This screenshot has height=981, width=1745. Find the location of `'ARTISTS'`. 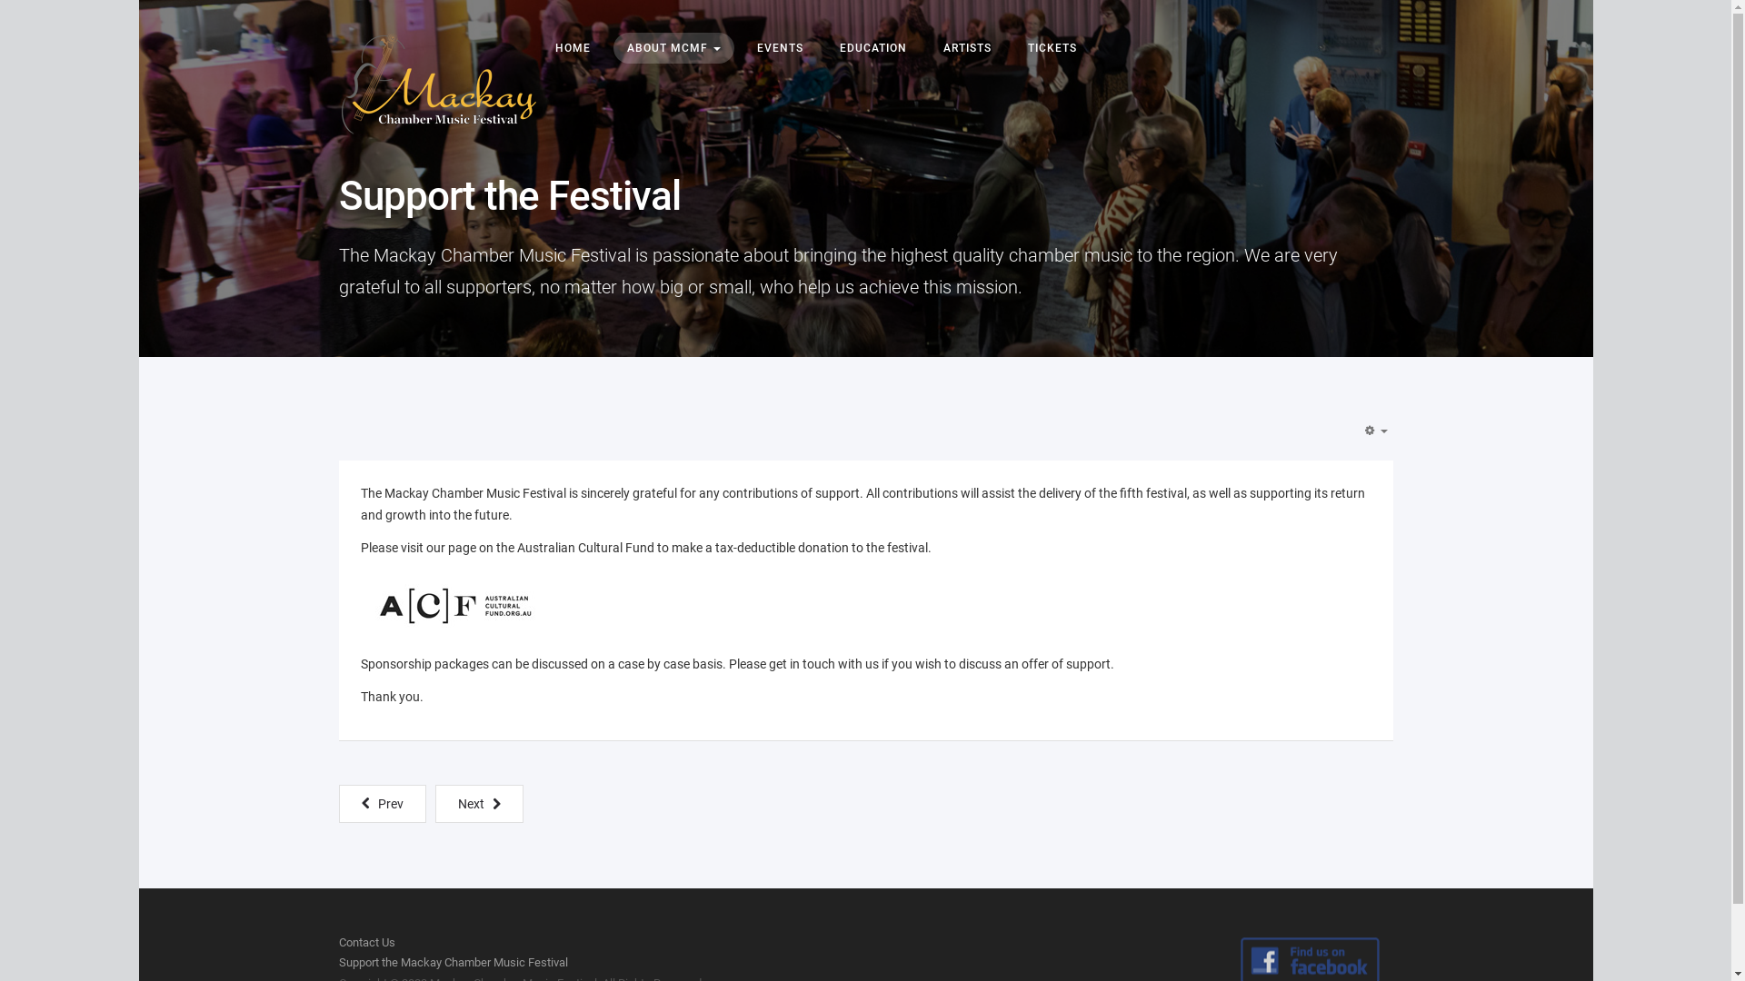

'ARTISTS' is located at coordinates (965, 47).